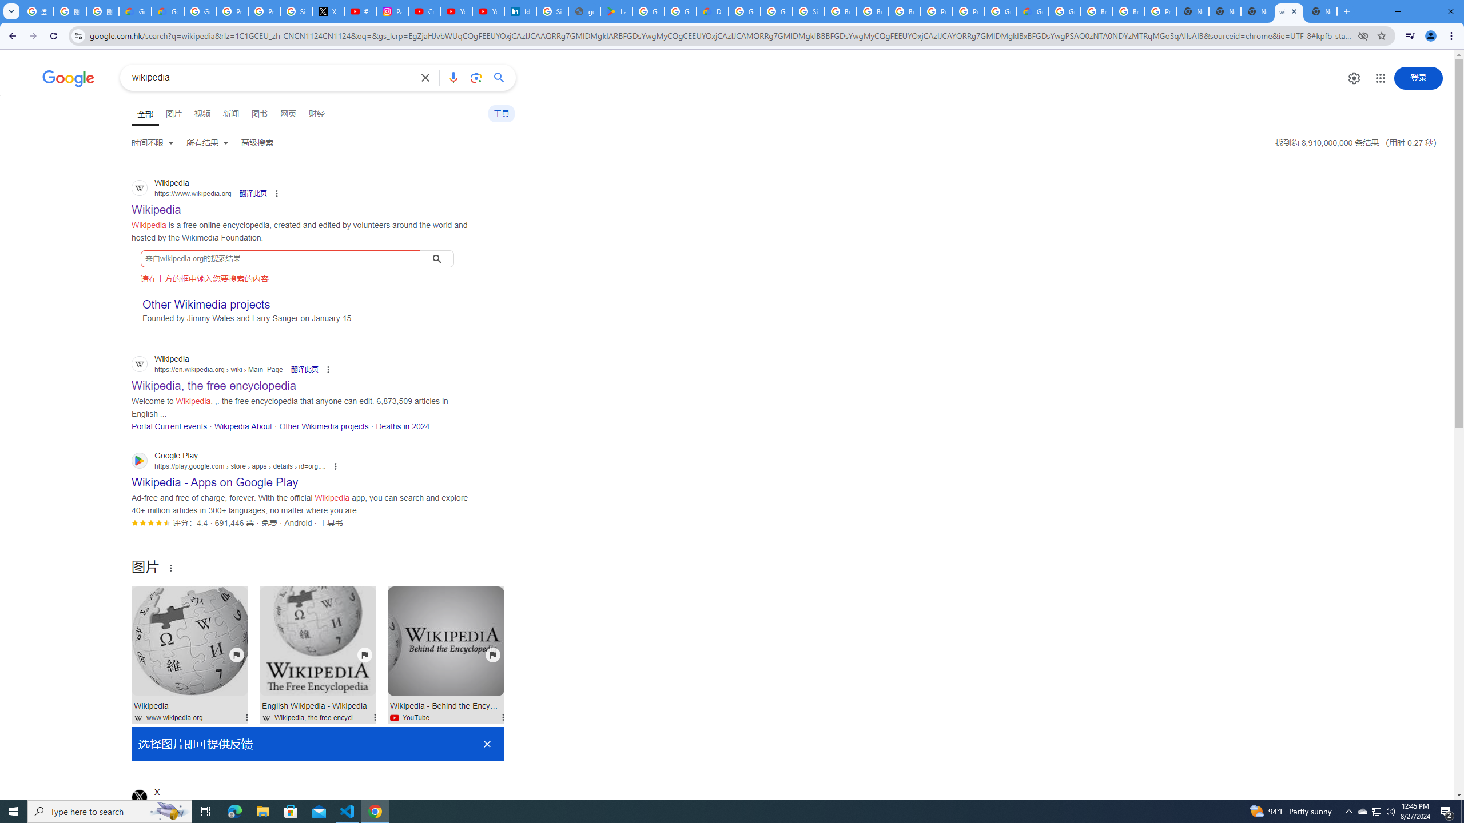 Image resolution: width=1464 pixels, height=823 pixels. What do you see at coordinates (1000, 11) in the screenshot?
I see `'Google Cloud Platform'` at bounding box center [1000, 11].